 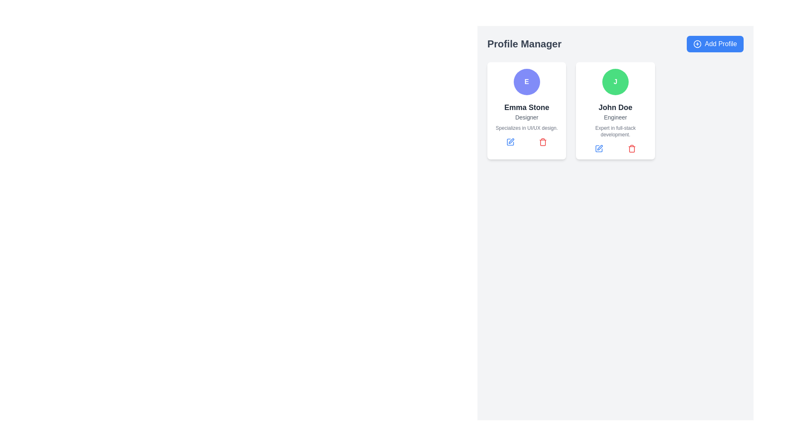 What do you see at coordinates (631, 149) in the screenshot?
I see `the delete button located at the bottom-right corner of John Doe's profile card` at bounding box center [631, 149].